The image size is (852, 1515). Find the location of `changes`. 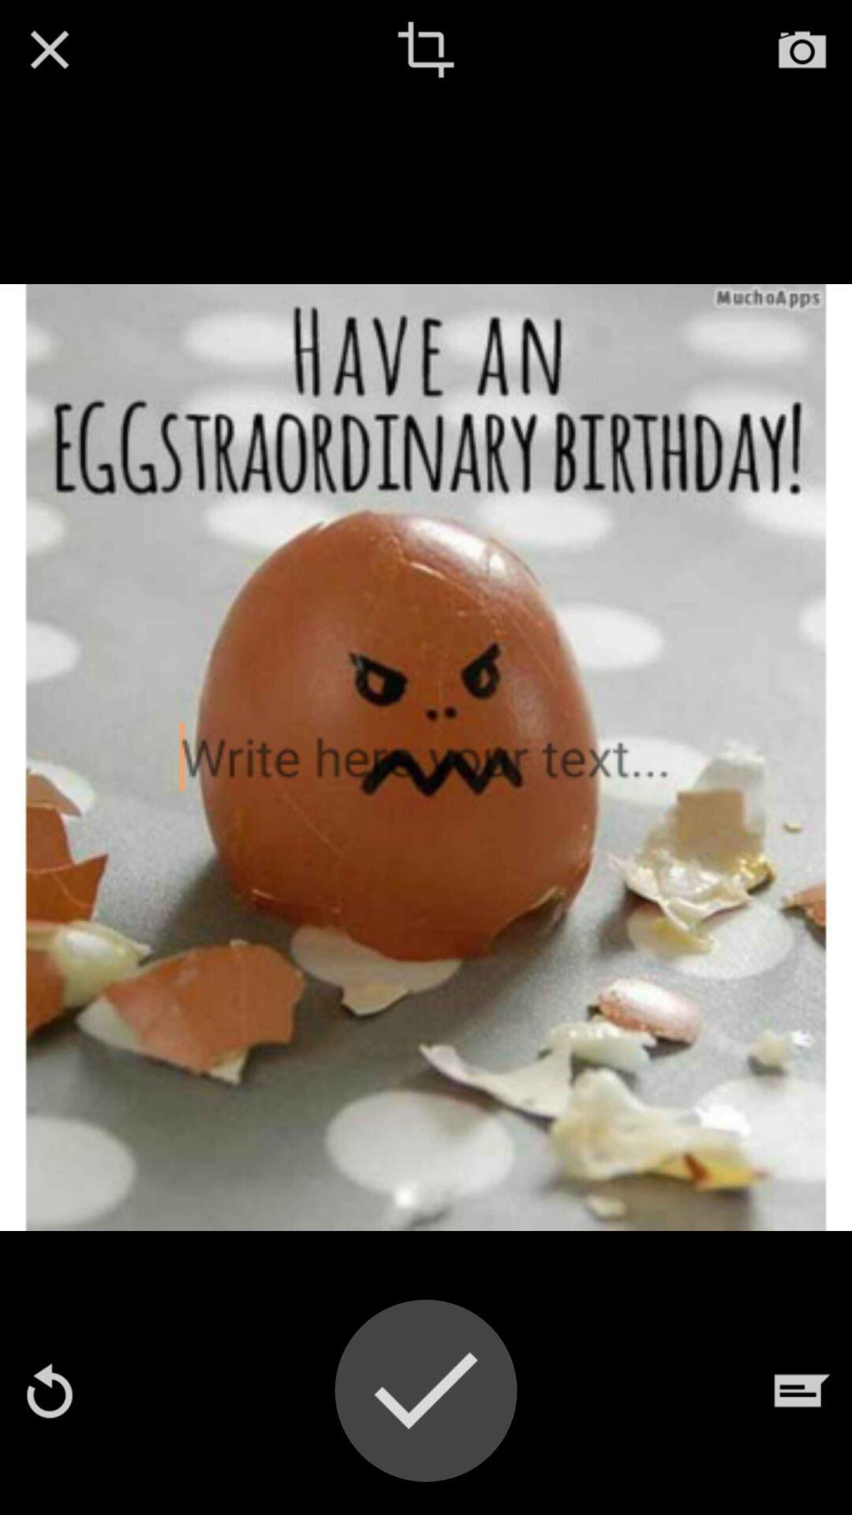

changes is located at coordinates (426, 1390).